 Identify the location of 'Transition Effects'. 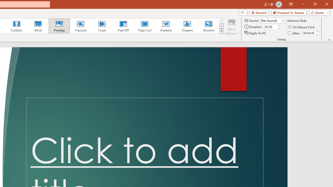
(221, 31).